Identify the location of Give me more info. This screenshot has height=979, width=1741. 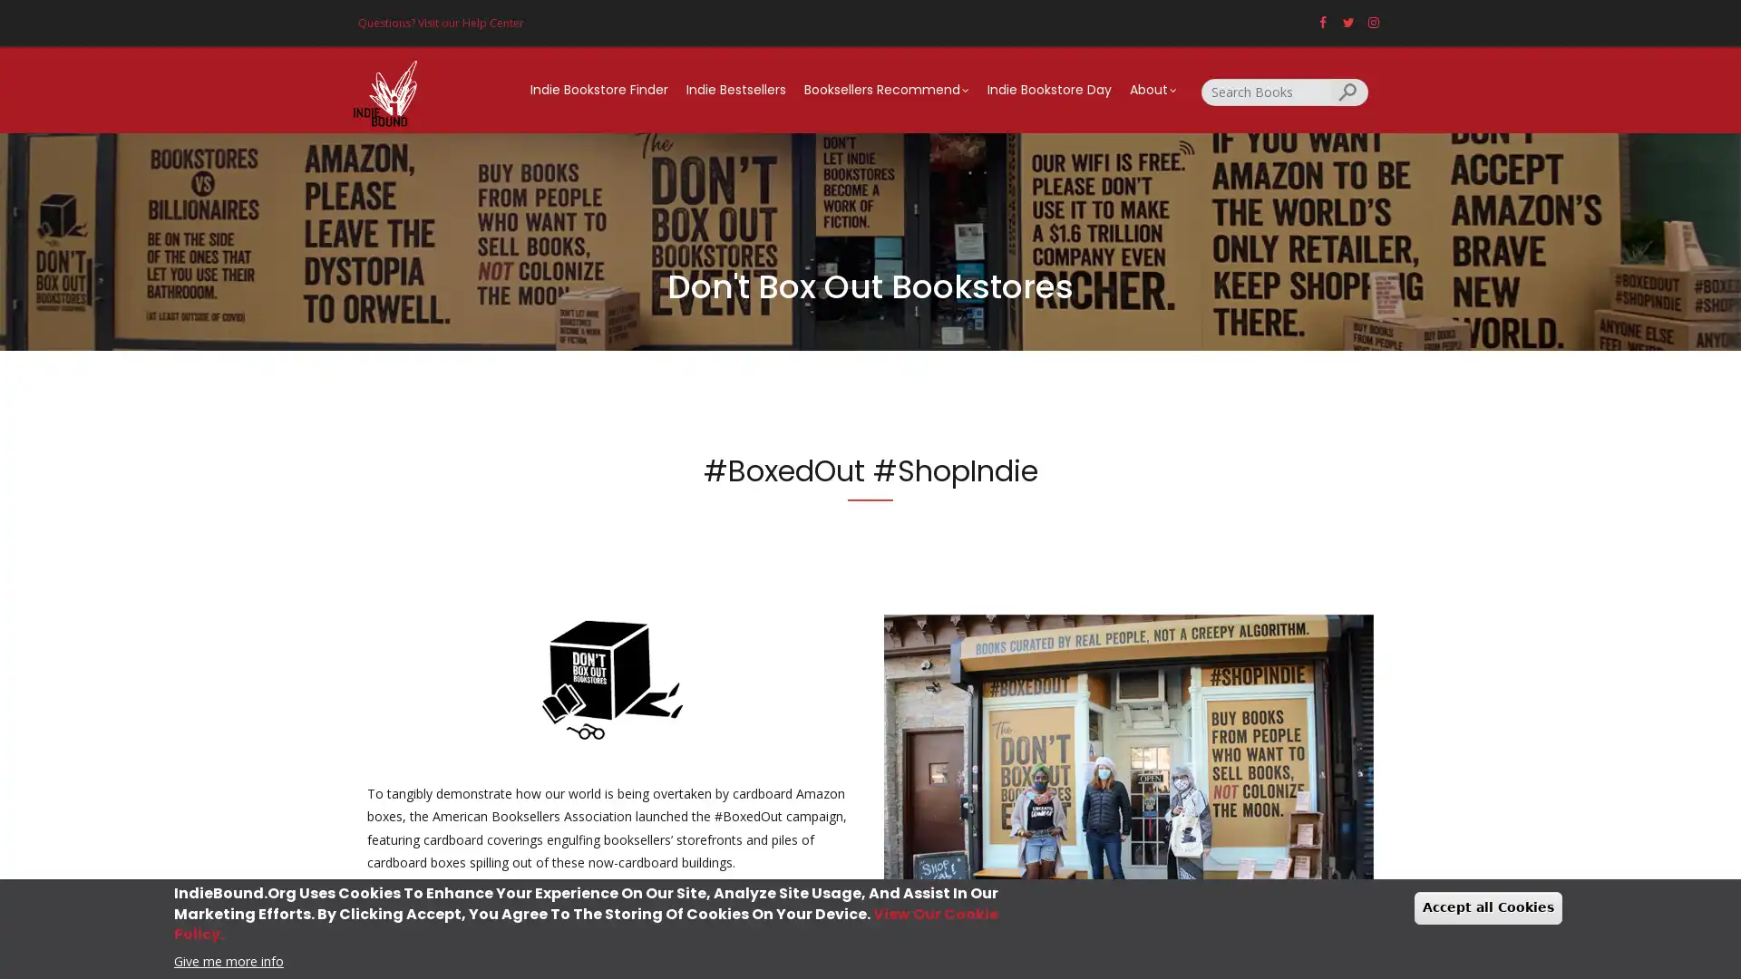
(228, 959).